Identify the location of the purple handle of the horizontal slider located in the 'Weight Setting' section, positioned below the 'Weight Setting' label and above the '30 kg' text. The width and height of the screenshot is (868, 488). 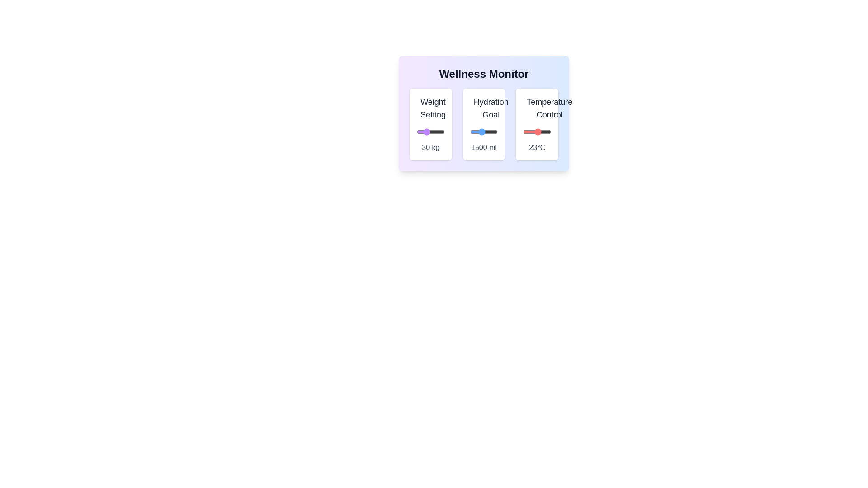
(430, 132).